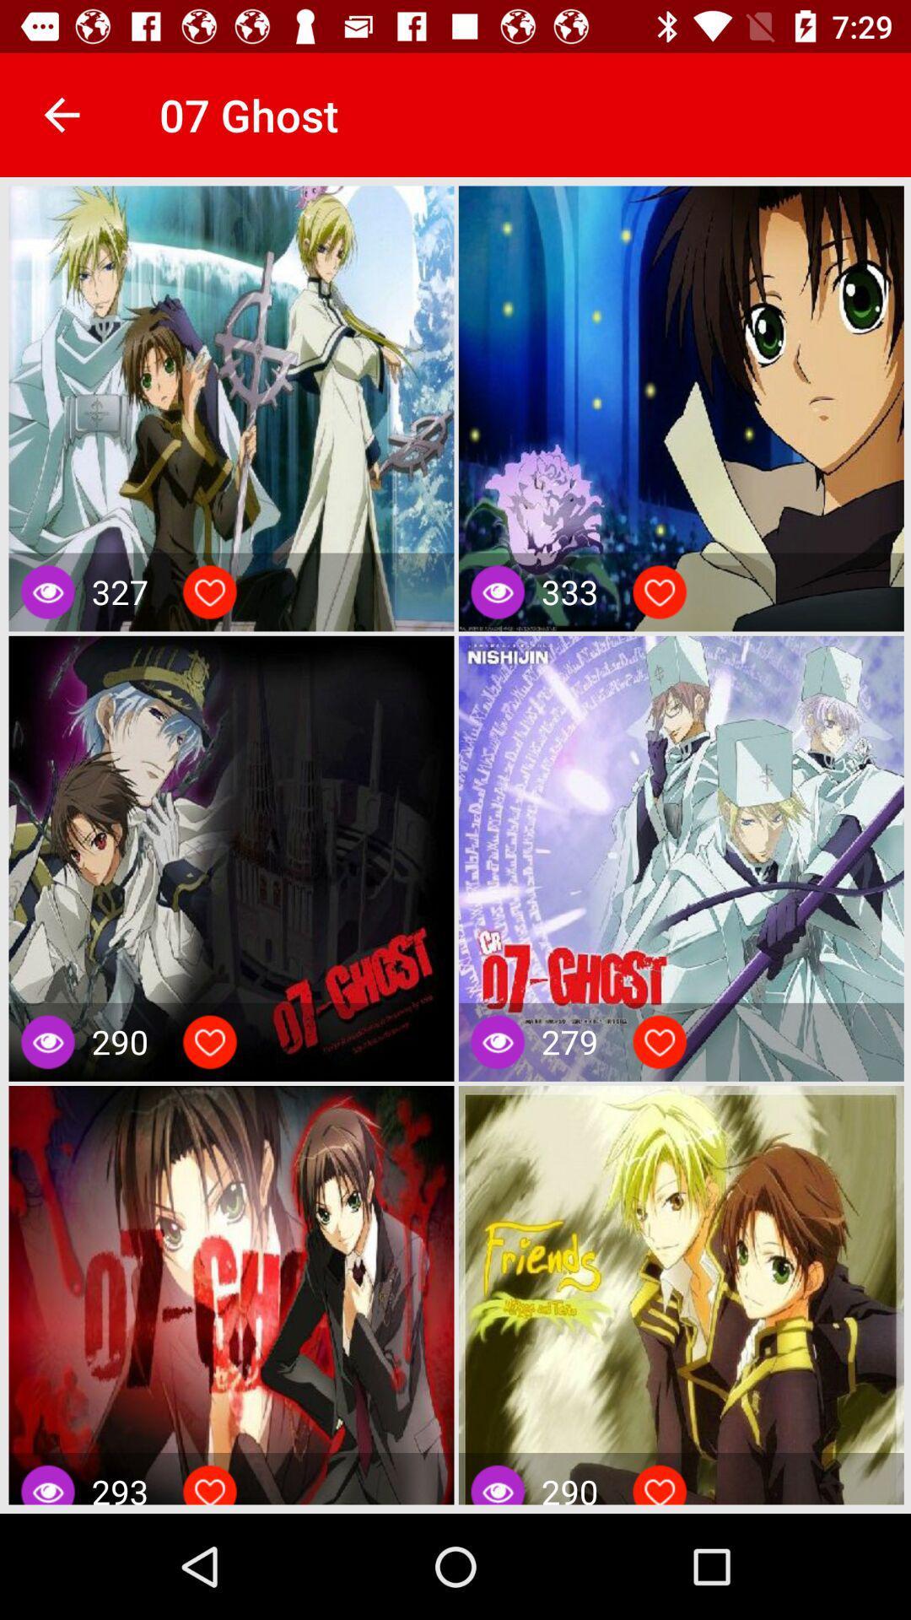 The image size is (911, 1620). What do you see at coordinates (209, 1488) in the screenshot?
I see `like` at bounding box center [209, 1488].